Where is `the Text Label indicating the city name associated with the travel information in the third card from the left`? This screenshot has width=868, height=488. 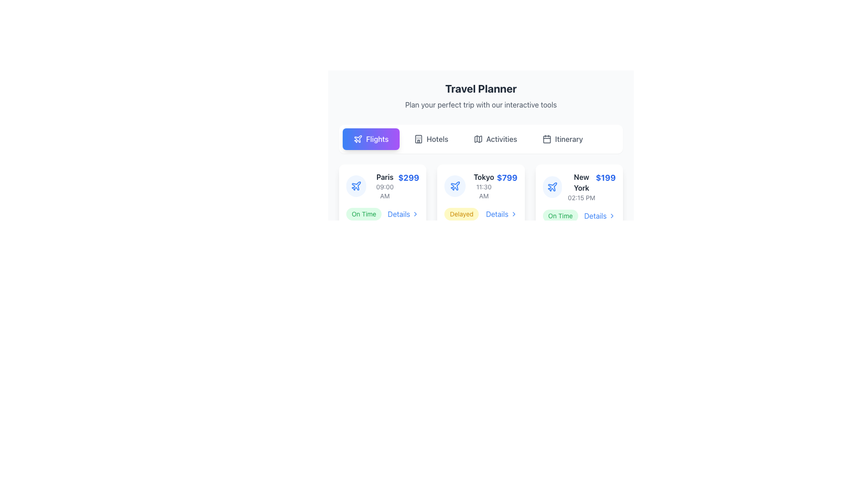
the Text Label indicating the city name associated with the travel information in the third card from the left is located at coordinates (581, 183).